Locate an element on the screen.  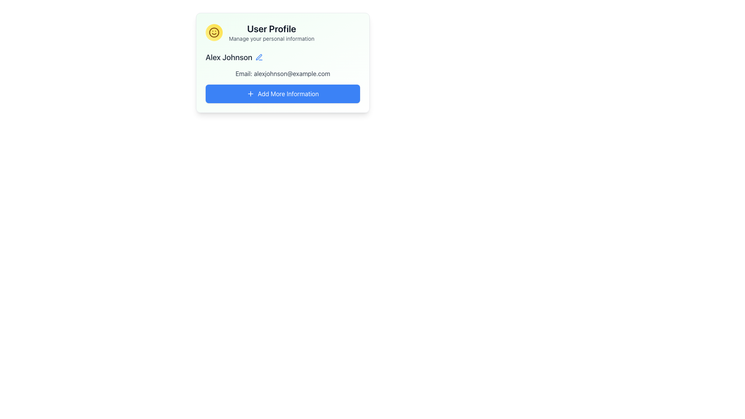
the yellow circular icon with a smiley face located at the top-left corner of the user profile card is located at coordinates (214, 32).